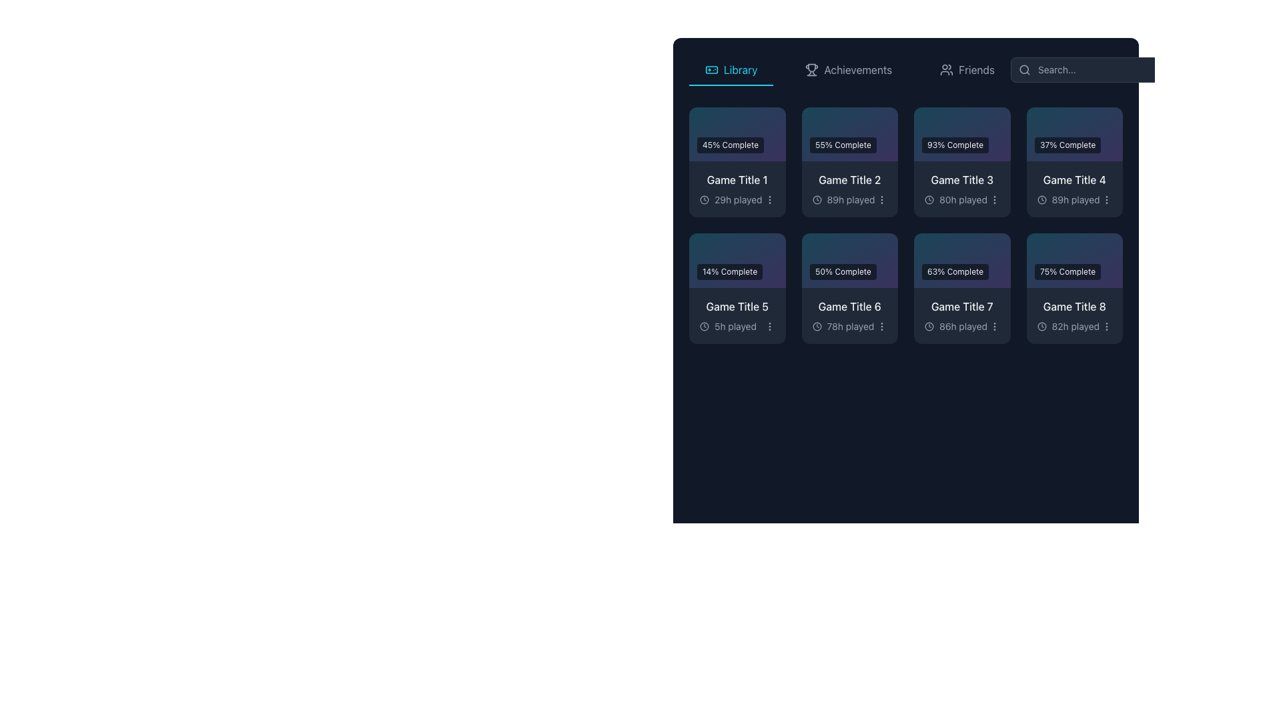 Image resolution: width=1281 pixels, height=720 pixels. What do you see at coordinates (881, 326) in the screenshot?
I see `the vertical ellipsis button` at bounding box center [881, 326].